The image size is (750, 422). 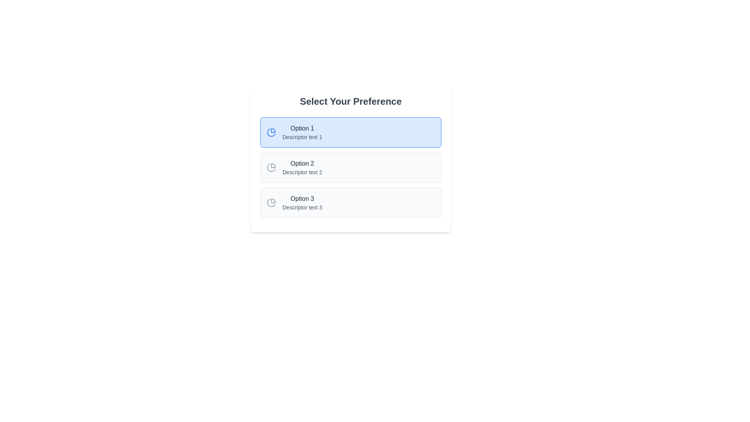 What do you see at coordinates (302, 207) in the screenshot?
I see `the text label displaying 'Descriptor text 3', which is styled in a smaller gray font and located directly below the bold 'Option 3' text` at bounding box center [302, 207].